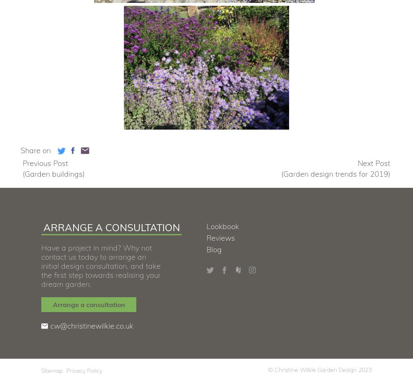 Image resolution: width=413 pixels, height=381 pixels. Describe the element at coordinates (45, 163) in the screenshot. I see `'Previous Post'` at that location.